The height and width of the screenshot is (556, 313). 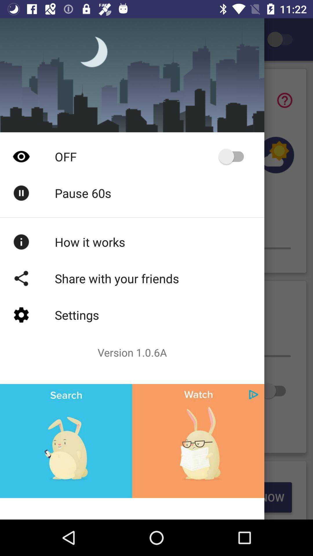 What do you see at coordinates (253, 394) in the screenshot?
I see `button` at bounding box center [253, 394].